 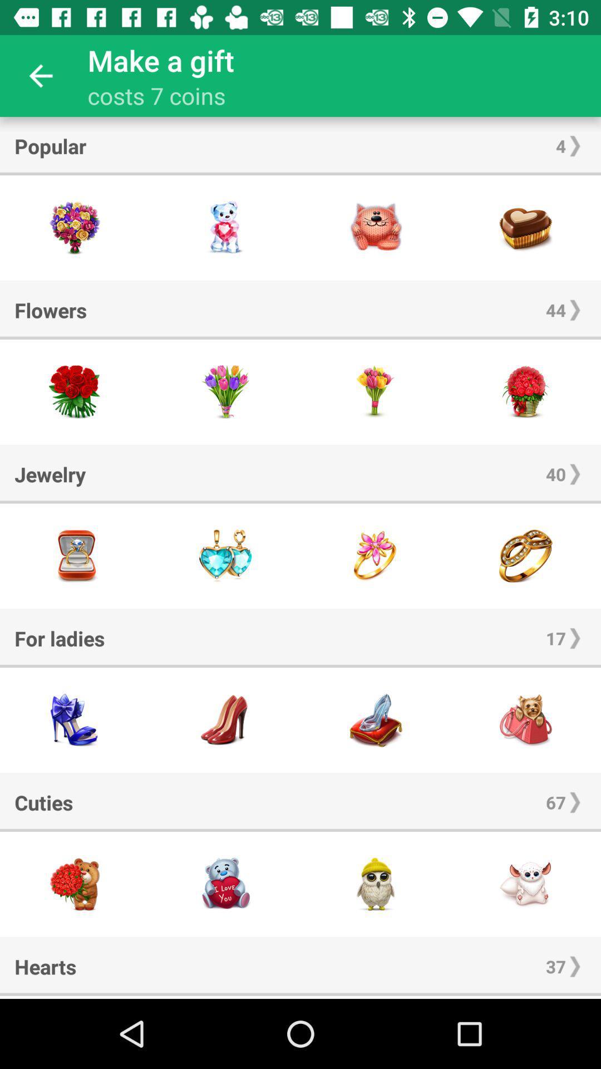 What do you see at coordinates (60, 638) in the screenshot?
I see `the item to the left of 17 item` at bounding box center [60, 638].